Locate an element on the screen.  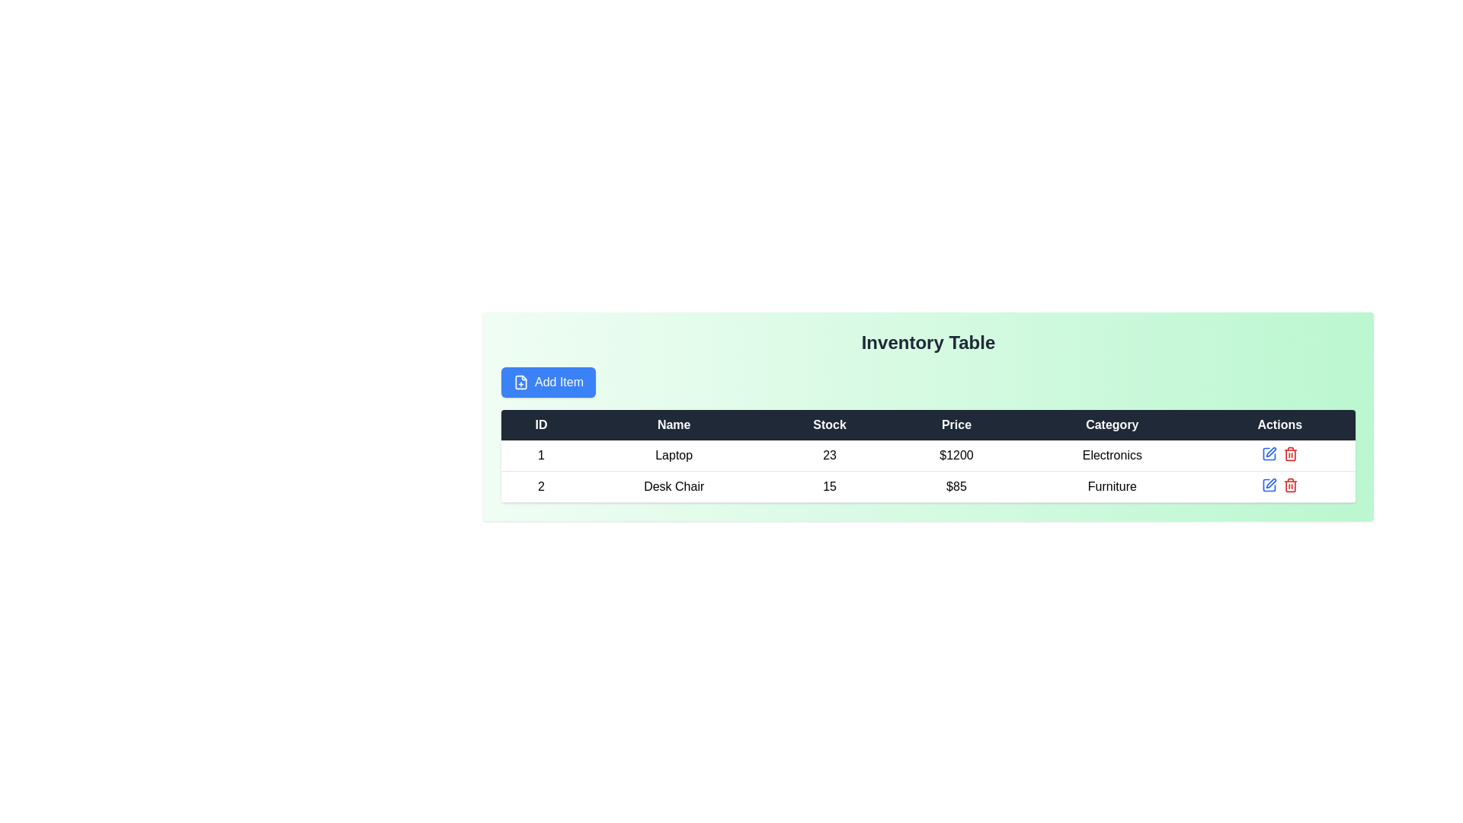
unique identifier text for the item 'Desk Chair' located in the first cell of the second row of the inventory table beneath the ID '1' is located at coordinates (541, 487).